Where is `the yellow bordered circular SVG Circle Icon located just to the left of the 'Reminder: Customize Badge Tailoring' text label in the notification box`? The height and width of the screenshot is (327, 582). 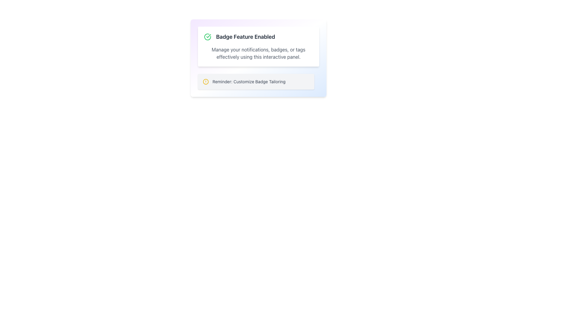 the yellow bordered circular SVG Circle Icon located just to the left of the 'Reminder: Customize Badge Tailoring' text label in the notification box is located at coordinates (206, 82).